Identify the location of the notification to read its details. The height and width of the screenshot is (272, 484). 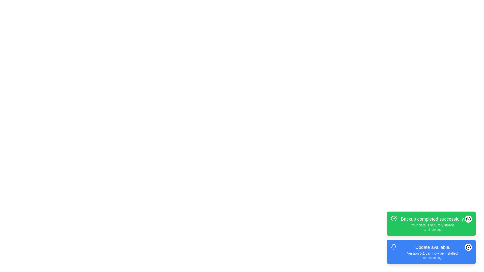
(433, 223).